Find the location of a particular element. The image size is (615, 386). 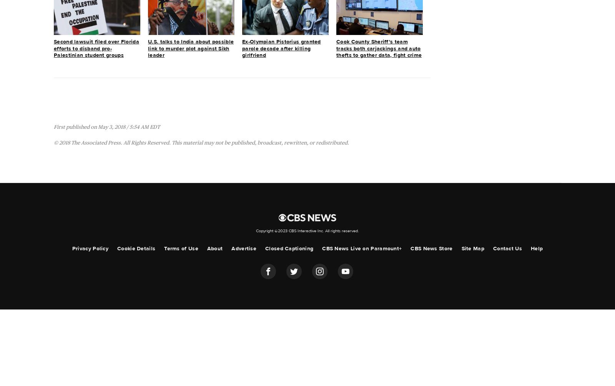

'Closed Captioning' is located at coordinates (289, 248).